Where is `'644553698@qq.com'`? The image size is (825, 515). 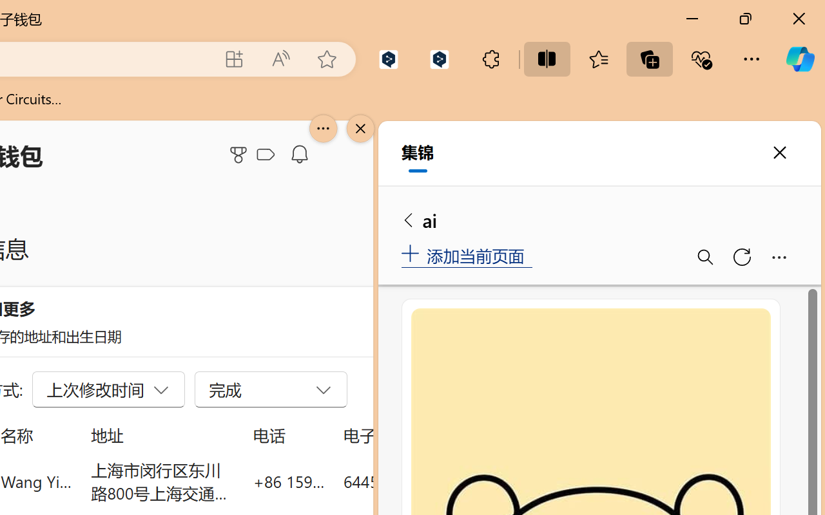
'644553698@qq.com' is located at coordinates (415, 481).